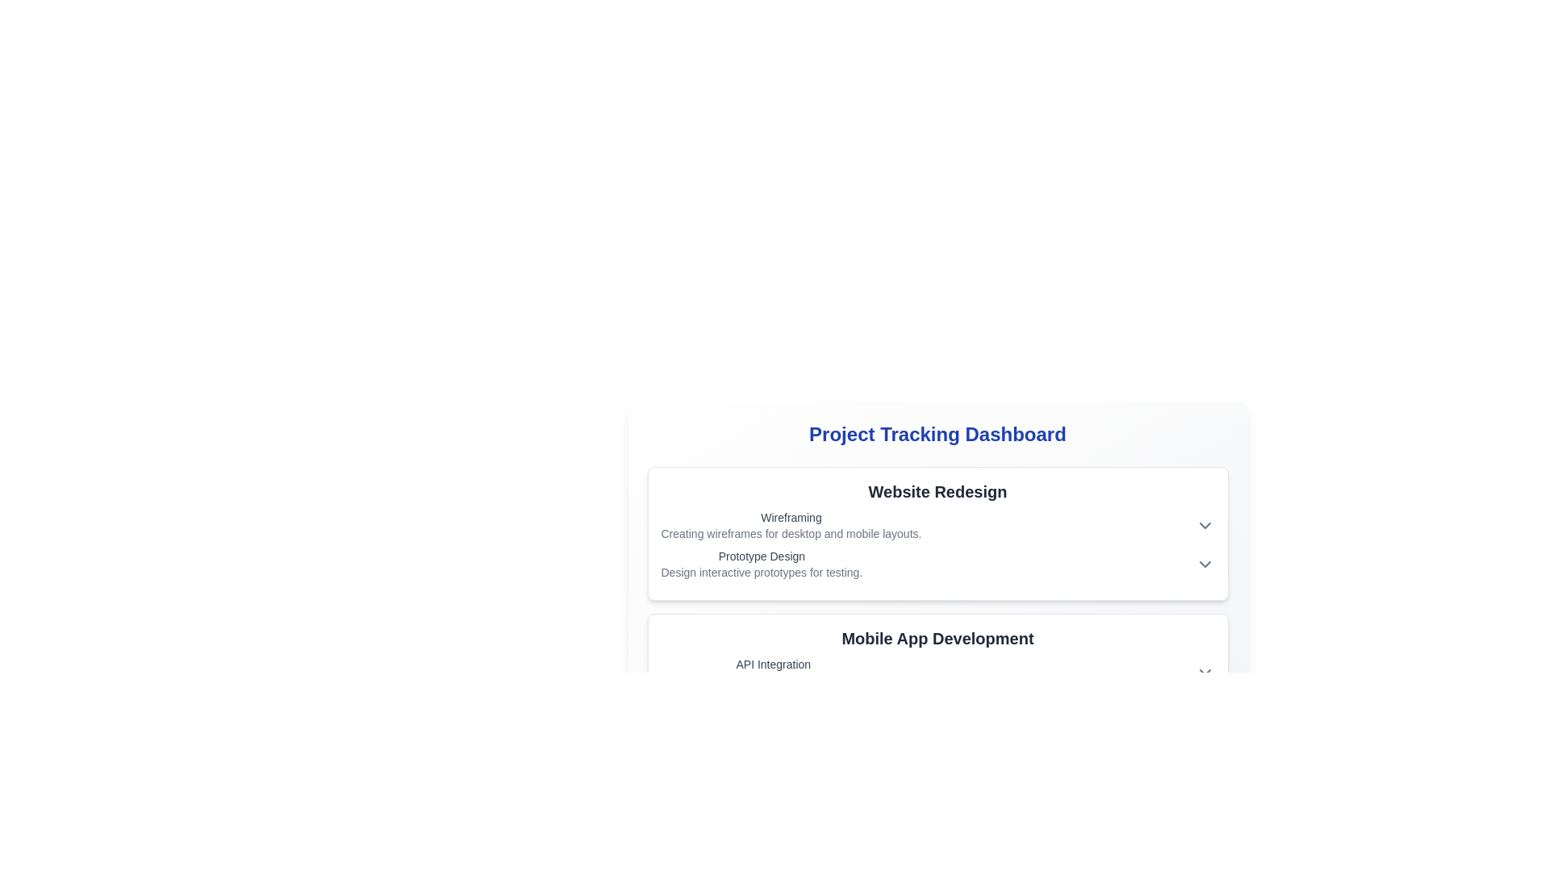 This screenshot has height=871, width=1549. What do you see at coordinates (761, 571) in the screenshot?
I see `the descriptive text related to 'Prototype Design' located below the 'Prototype Design' heading in the 'Website Redesign' section` at bounding box center [761, 571].